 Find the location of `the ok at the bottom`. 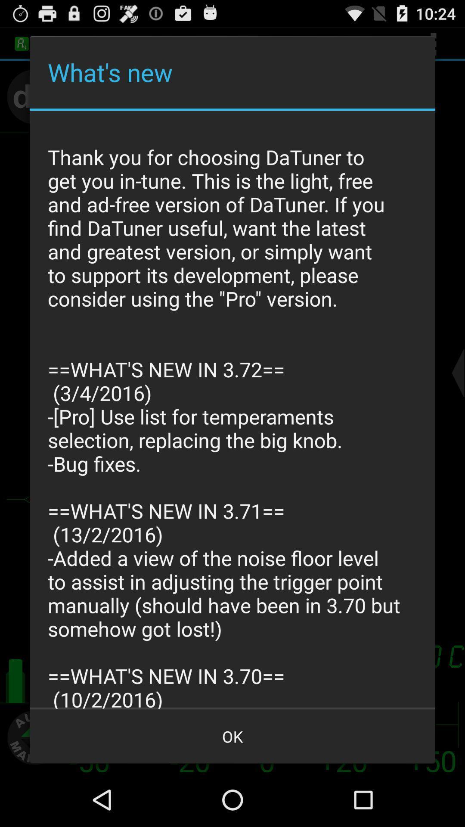

the ok at the bottom is located at coordinates (232, 736).